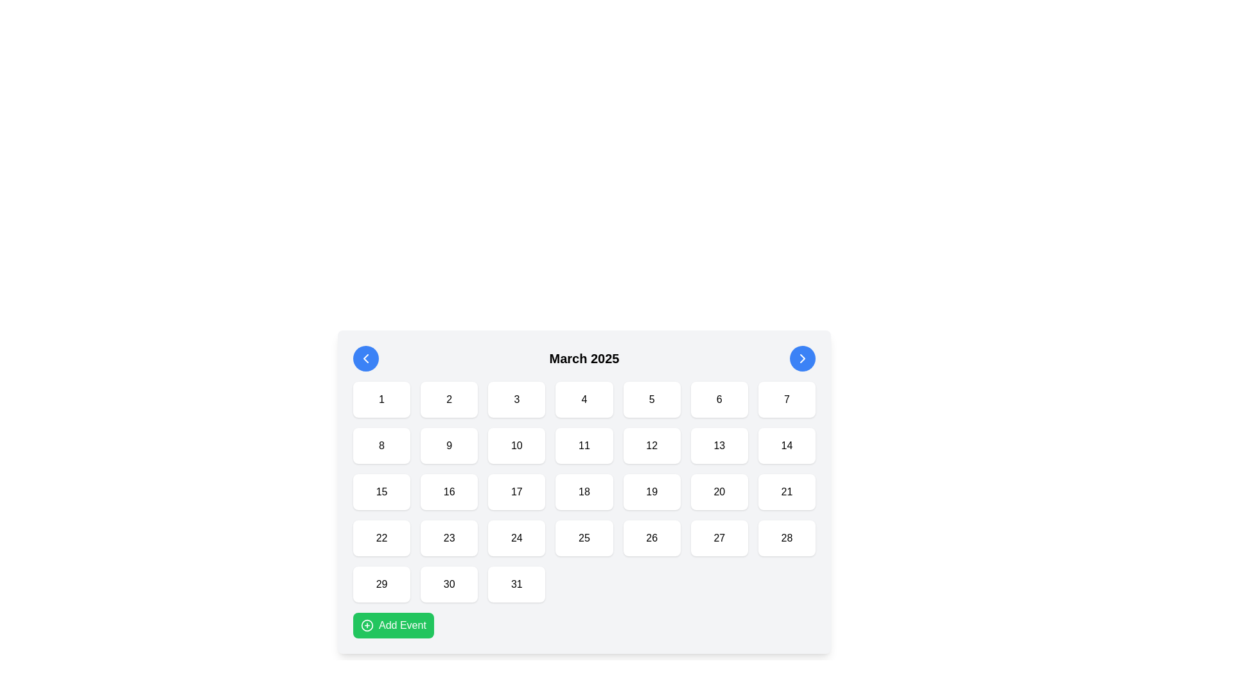 Image resolution: width=1233 pixels, height=693 pixels. What do you see at coordinates (516, 445) in the screenshot?
I see `the date button displaying '10', which is located in the second row and third column of the calendar-like grid layout` at bounding box center [516, 445].